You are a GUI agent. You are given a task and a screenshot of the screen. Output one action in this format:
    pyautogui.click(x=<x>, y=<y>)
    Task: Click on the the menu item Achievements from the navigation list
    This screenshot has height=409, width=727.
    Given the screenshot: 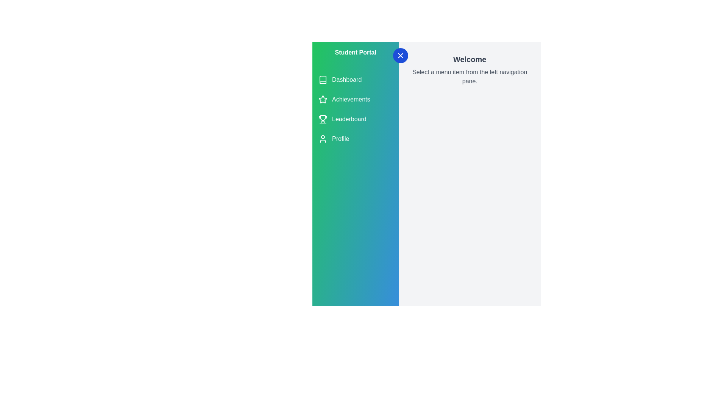 What is the action you would take?
    pyautogui.click(x=355, y=99)
    